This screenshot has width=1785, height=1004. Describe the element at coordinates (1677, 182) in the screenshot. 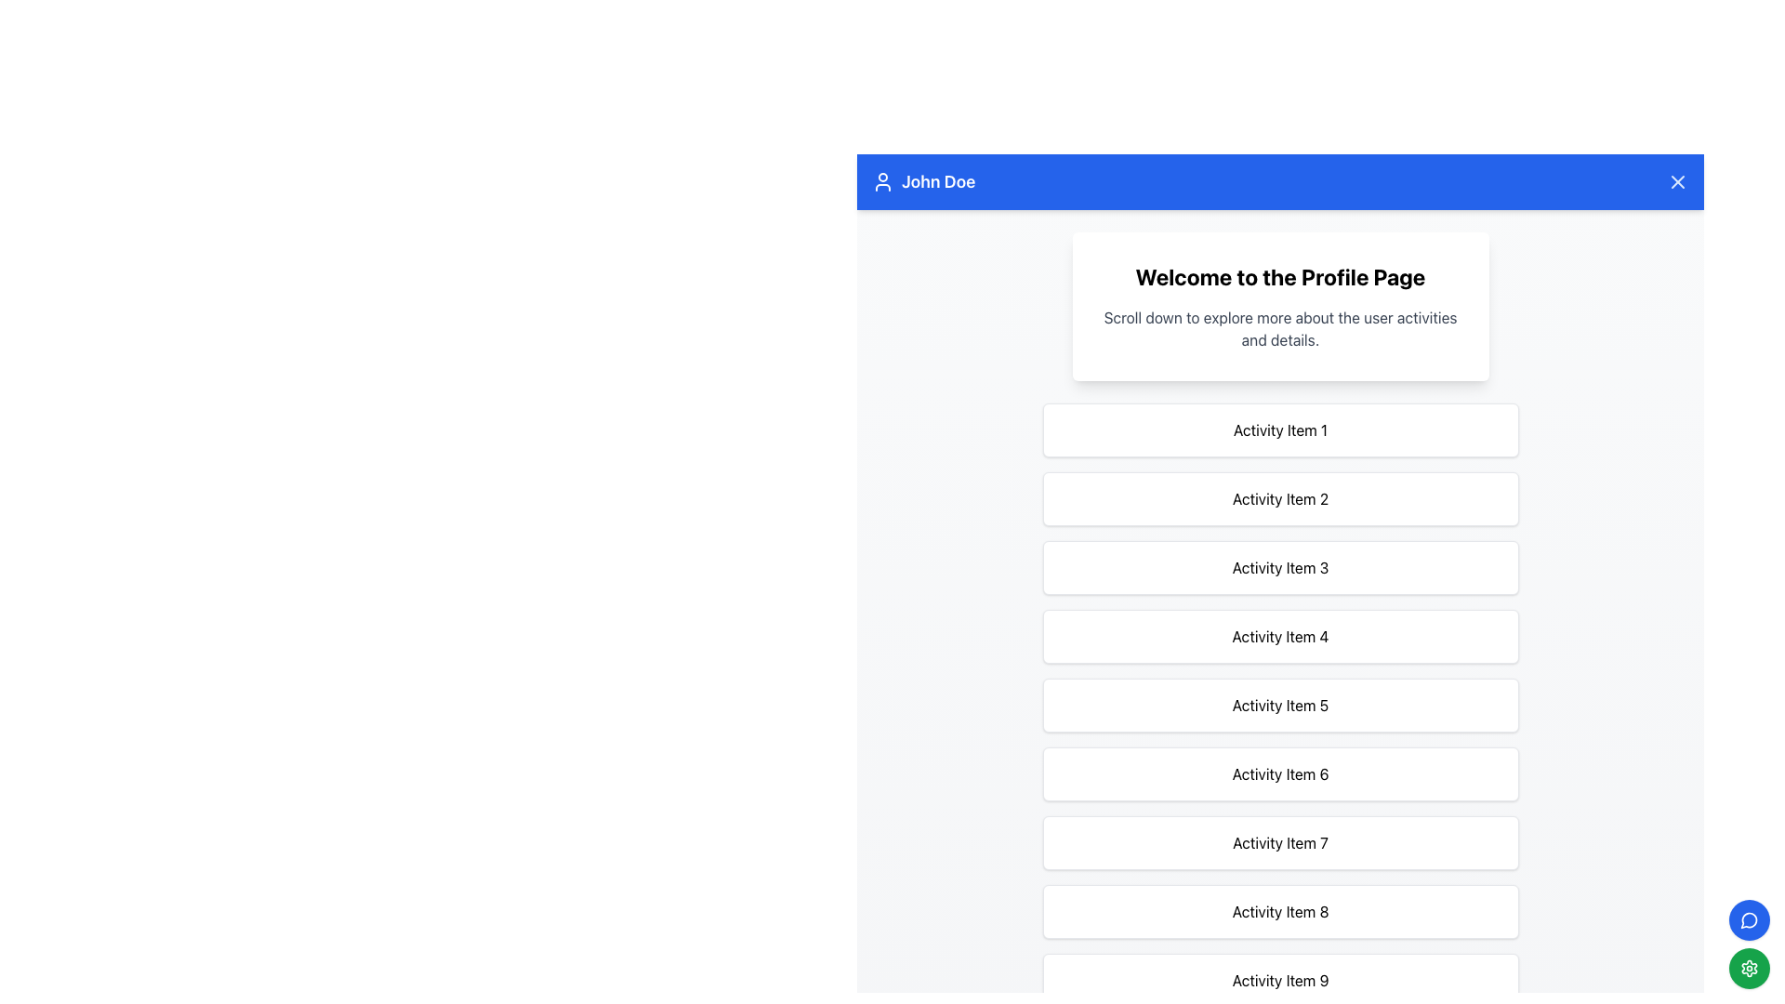

I see `the close button located at the far-right edge of the top navigation bar` at that location.